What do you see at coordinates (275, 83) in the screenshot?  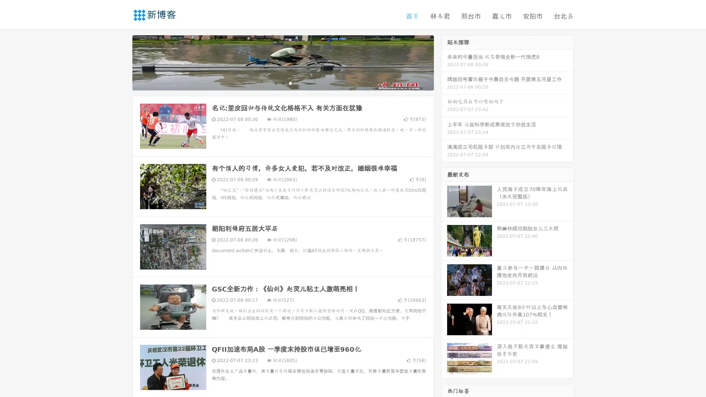 I see `Go to slide 1` at bounding box center [275, 83].